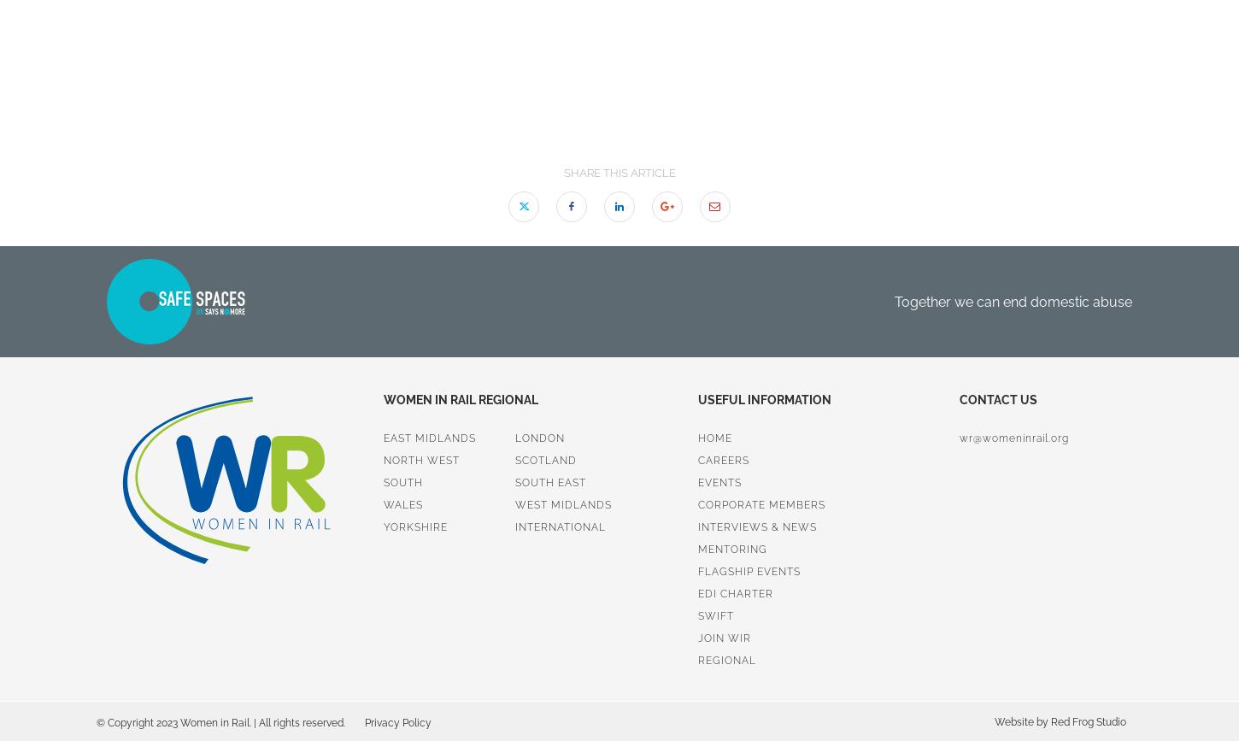 This screenshot has width=1239, height=741. Describe the element at coordinates (220, 720) in the screenshot. I see `'© Copyright 2023 Women in Rail. | All rights reserved.'` at that location.